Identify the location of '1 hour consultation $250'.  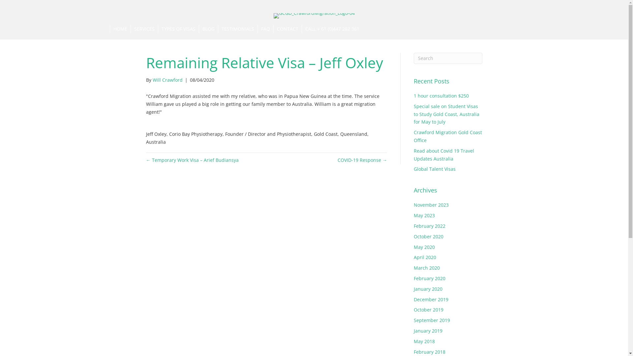
(441, 96).